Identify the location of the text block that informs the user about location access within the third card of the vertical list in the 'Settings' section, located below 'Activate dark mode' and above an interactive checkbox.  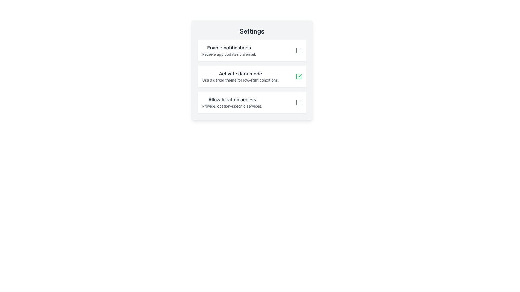
(232, 102).